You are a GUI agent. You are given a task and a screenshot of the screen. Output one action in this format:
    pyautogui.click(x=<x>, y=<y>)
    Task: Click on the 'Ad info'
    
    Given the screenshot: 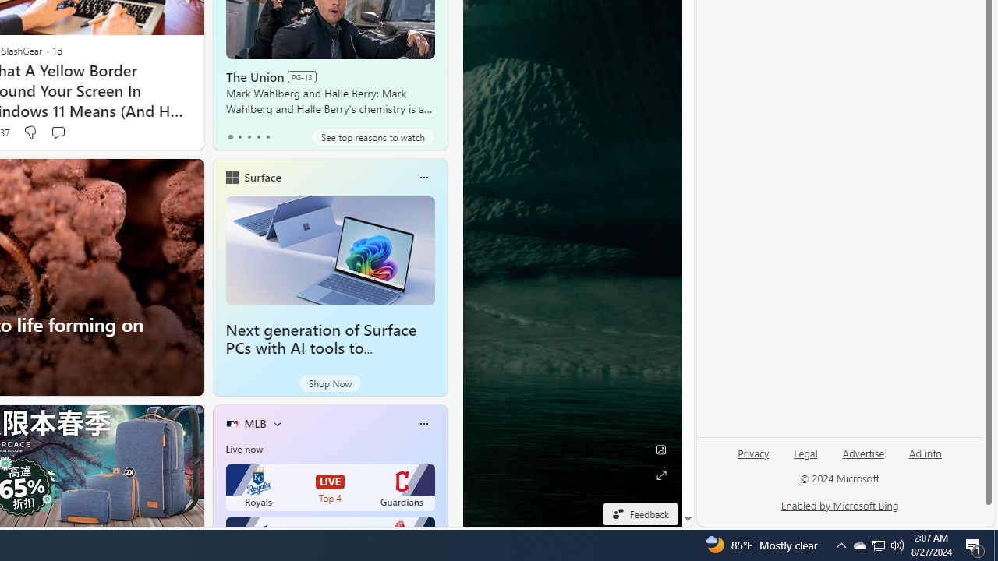 What is the action you would take?
    pyautogui.click(x=925, y=453)
    